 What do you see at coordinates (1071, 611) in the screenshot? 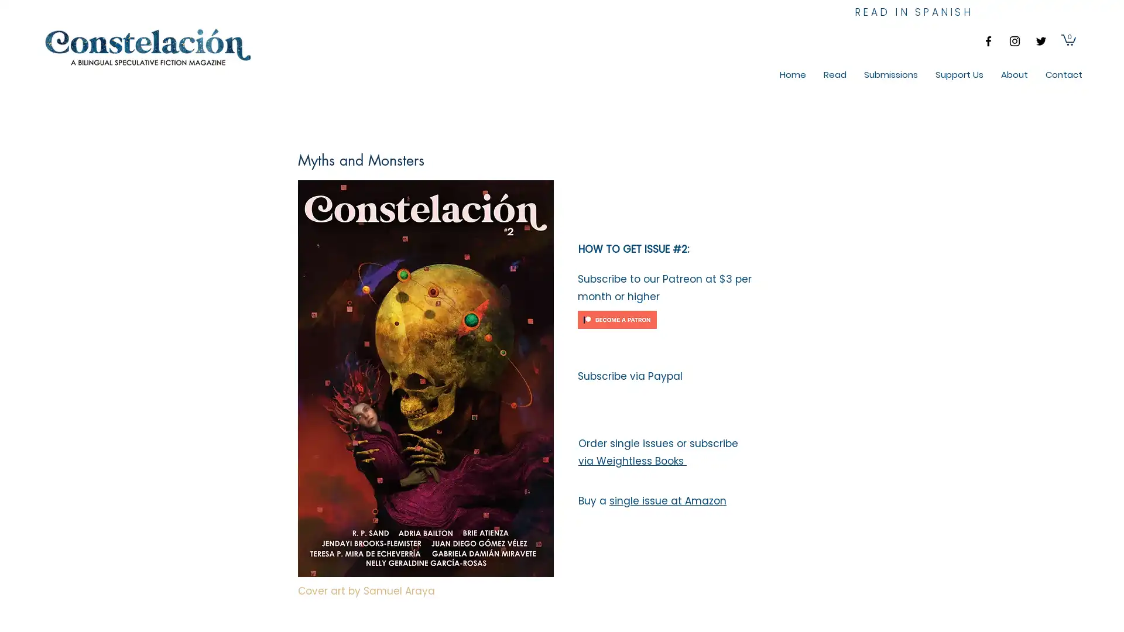
I see `Accept` at bounding box center [1071, 611].